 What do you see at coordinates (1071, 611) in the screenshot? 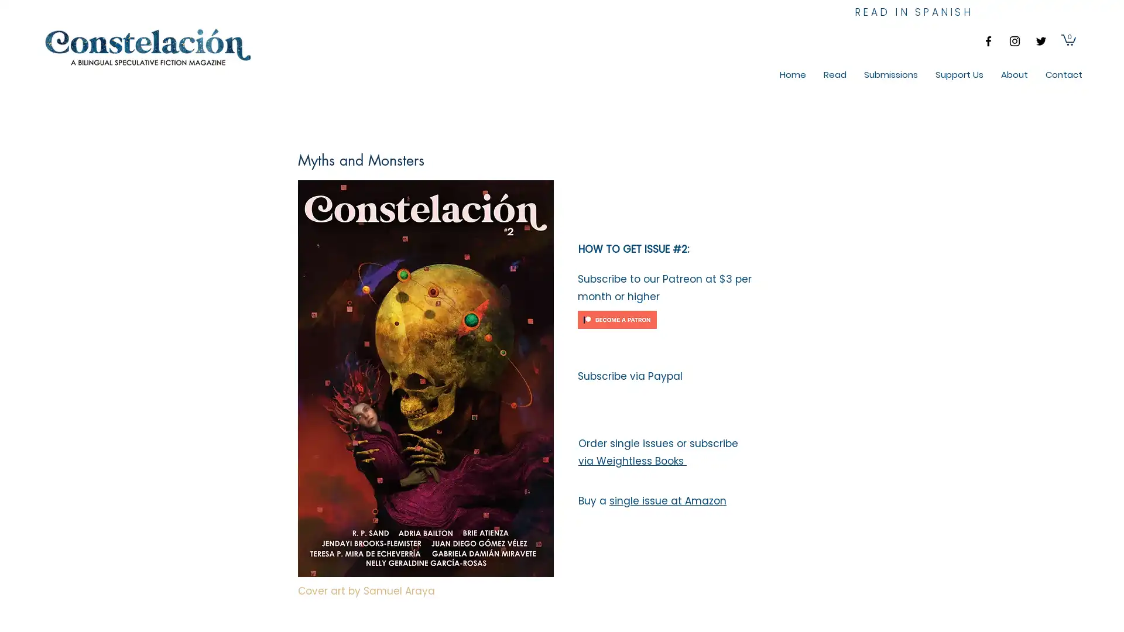
I see `Accept` at bounding box center [1071, 611].